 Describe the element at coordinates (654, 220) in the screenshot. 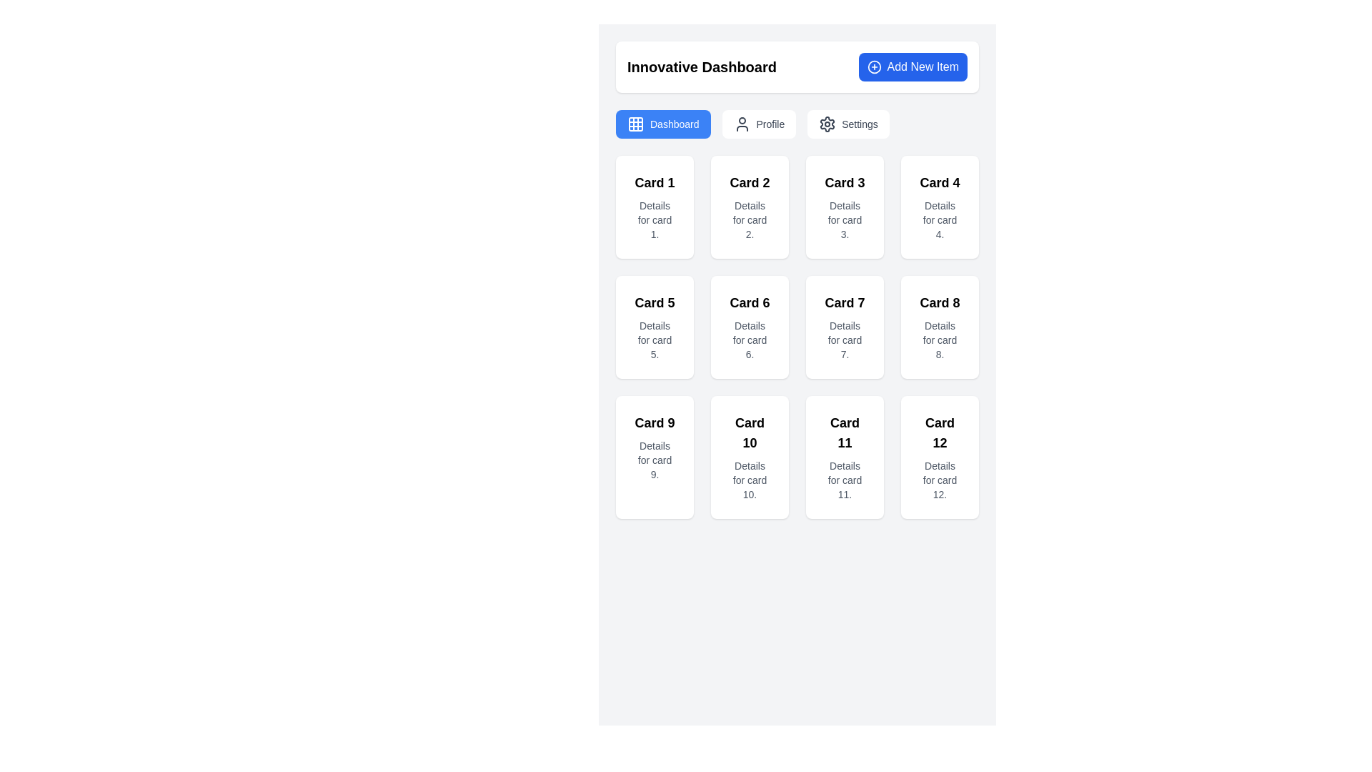

I see `the descriptive text located below the title 'Card 1' within the card in the top-left corner of the grid layout` at that location.